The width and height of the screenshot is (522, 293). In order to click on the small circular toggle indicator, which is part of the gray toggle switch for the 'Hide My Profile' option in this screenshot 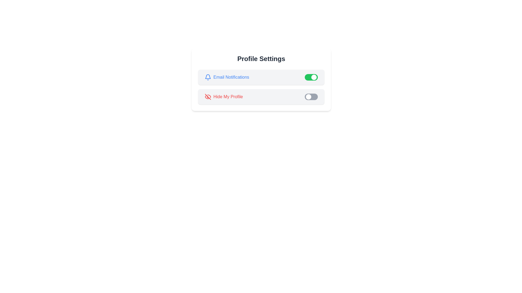, I will do `click(308, 97)`.